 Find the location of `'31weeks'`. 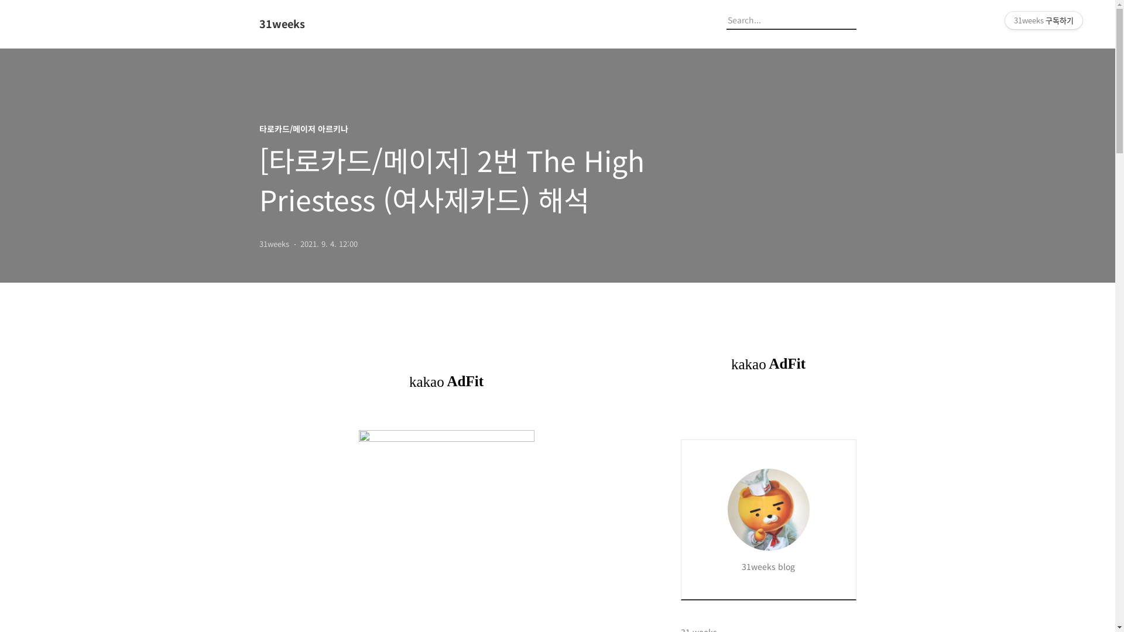

'31weeks' is located at coordinates (323, 24).